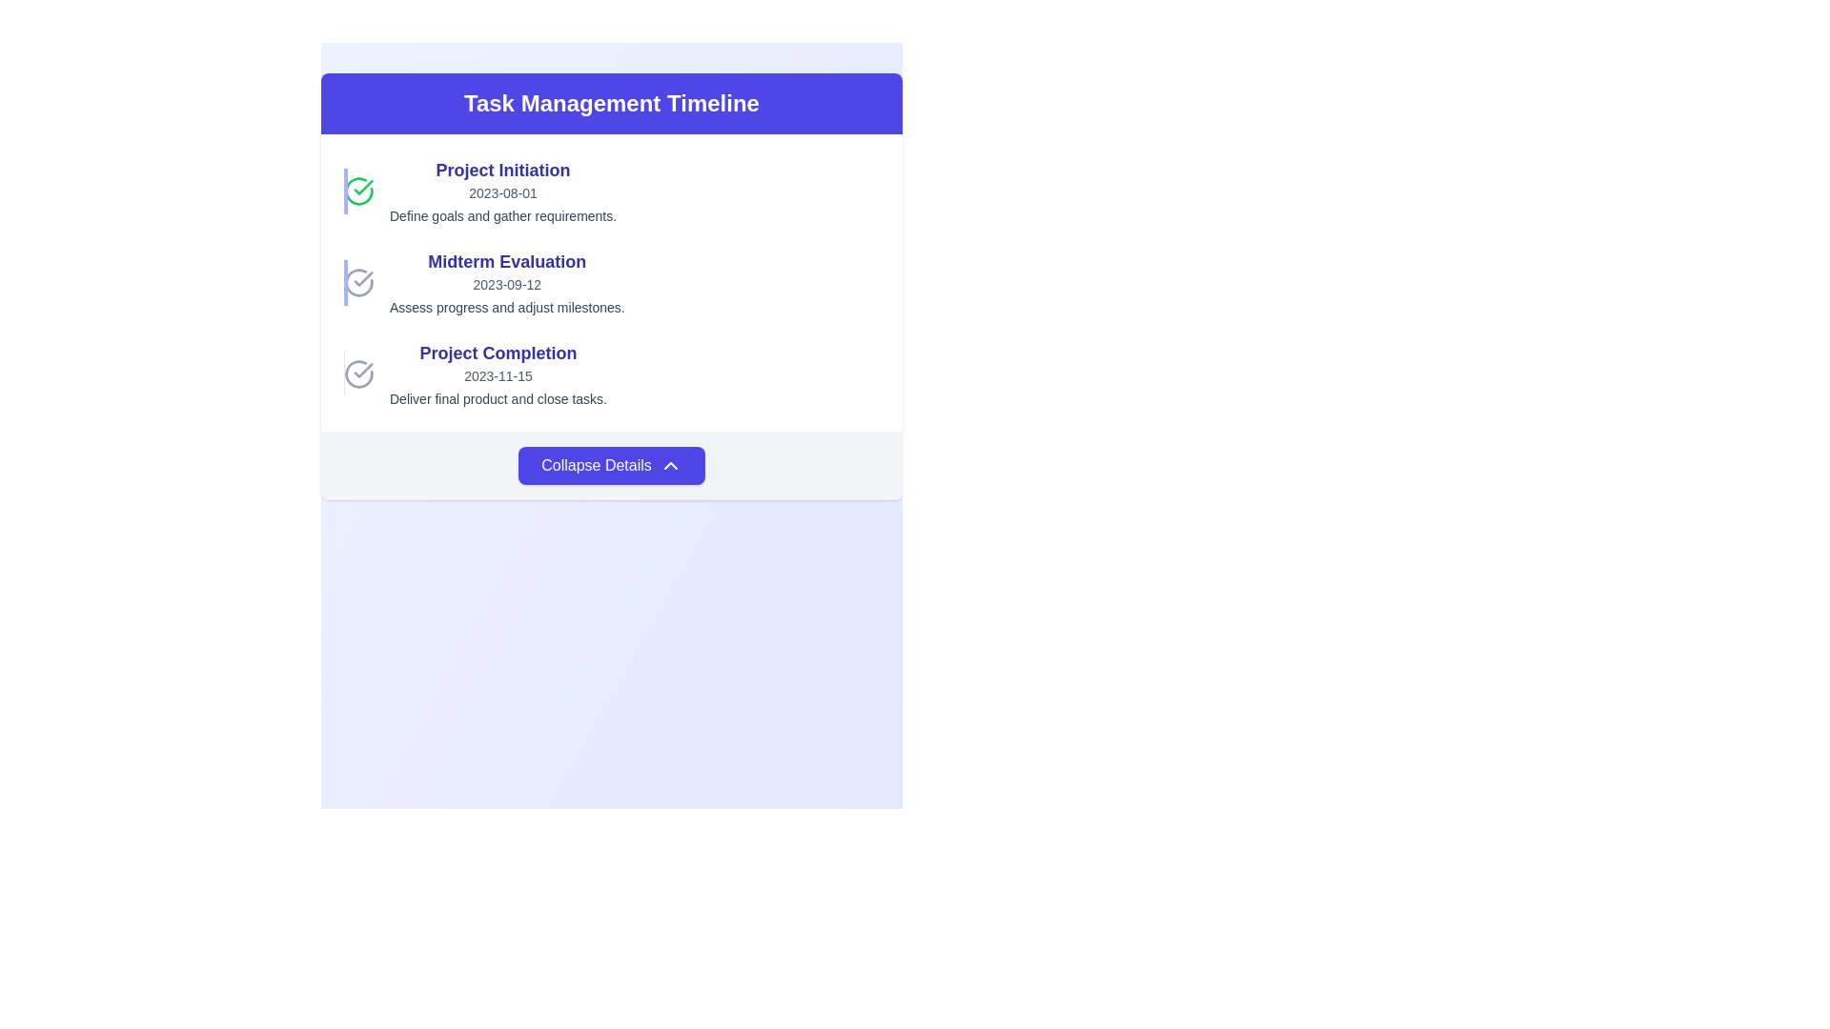  Describe the element at coordinates (498, 398) in the screenshot. I see `the text element that describes the action required for the 'Project Completion' milestone, located below the date '2023-11-15'` at that location.